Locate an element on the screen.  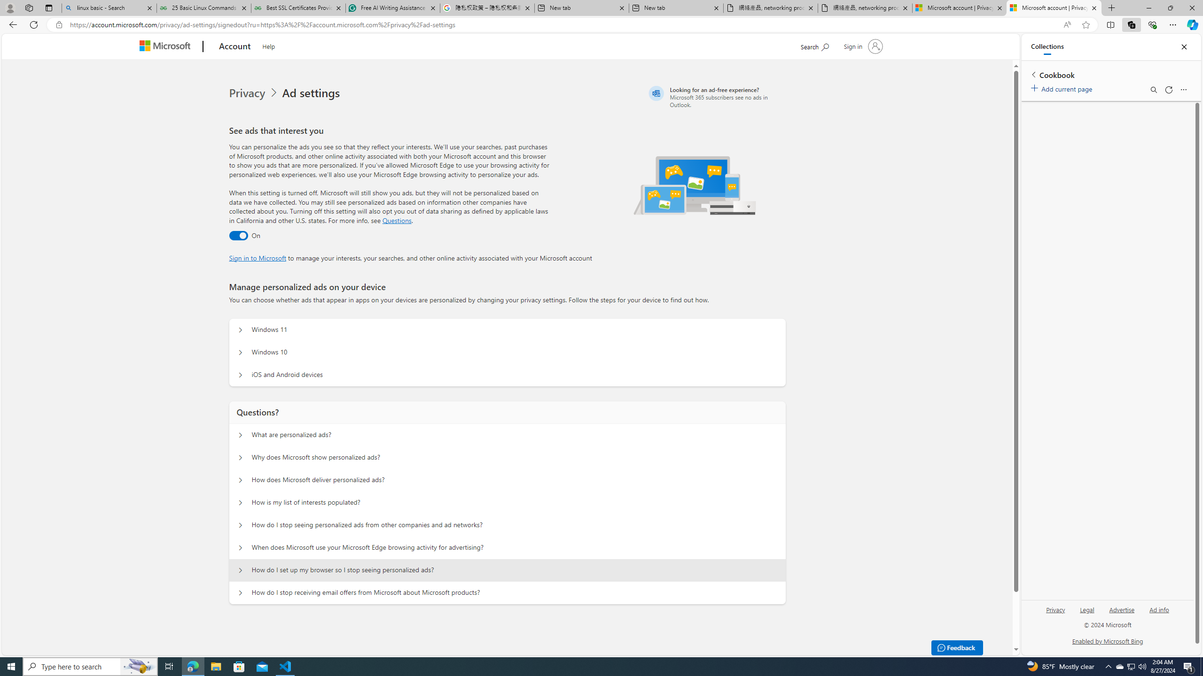
'Advertise' is located at coordinates (1122, 613).